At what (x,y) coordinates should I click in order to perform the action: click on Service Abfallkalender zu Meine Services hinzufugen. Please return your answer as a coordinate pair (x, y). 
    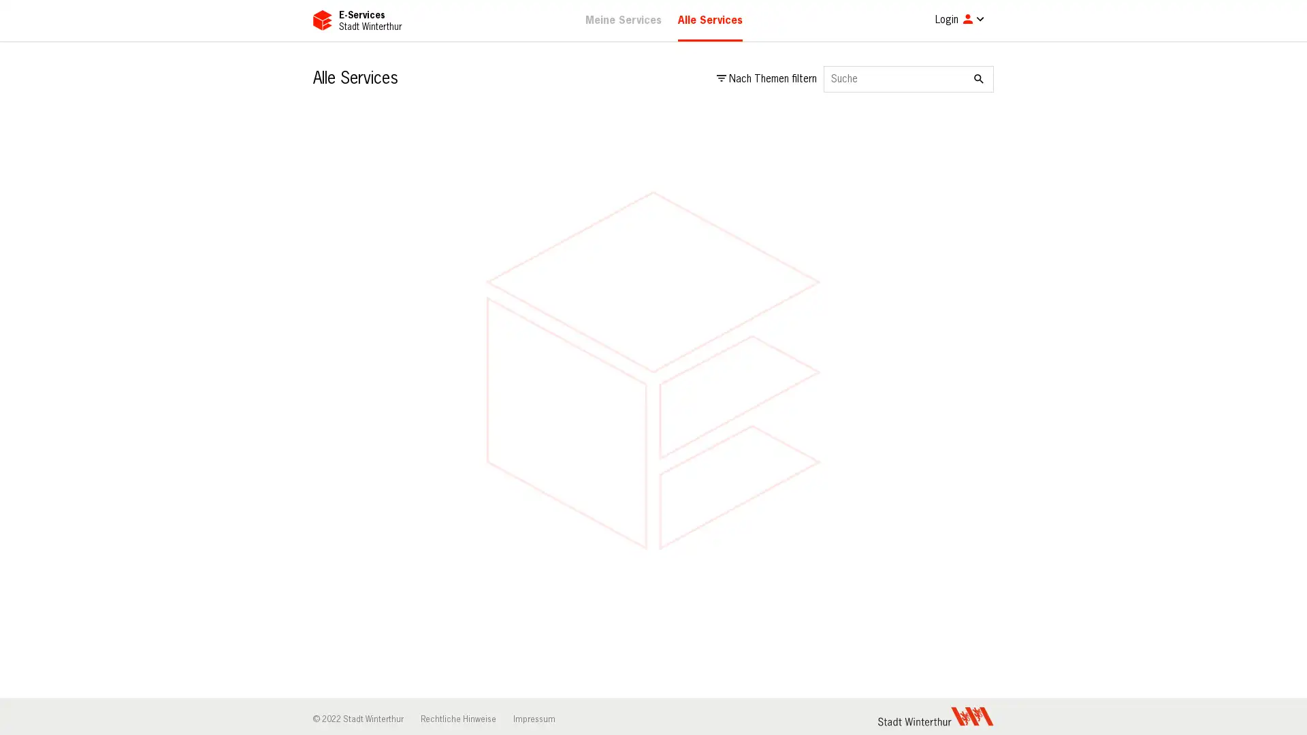
    Looking at the image, I should click on (510, 138).